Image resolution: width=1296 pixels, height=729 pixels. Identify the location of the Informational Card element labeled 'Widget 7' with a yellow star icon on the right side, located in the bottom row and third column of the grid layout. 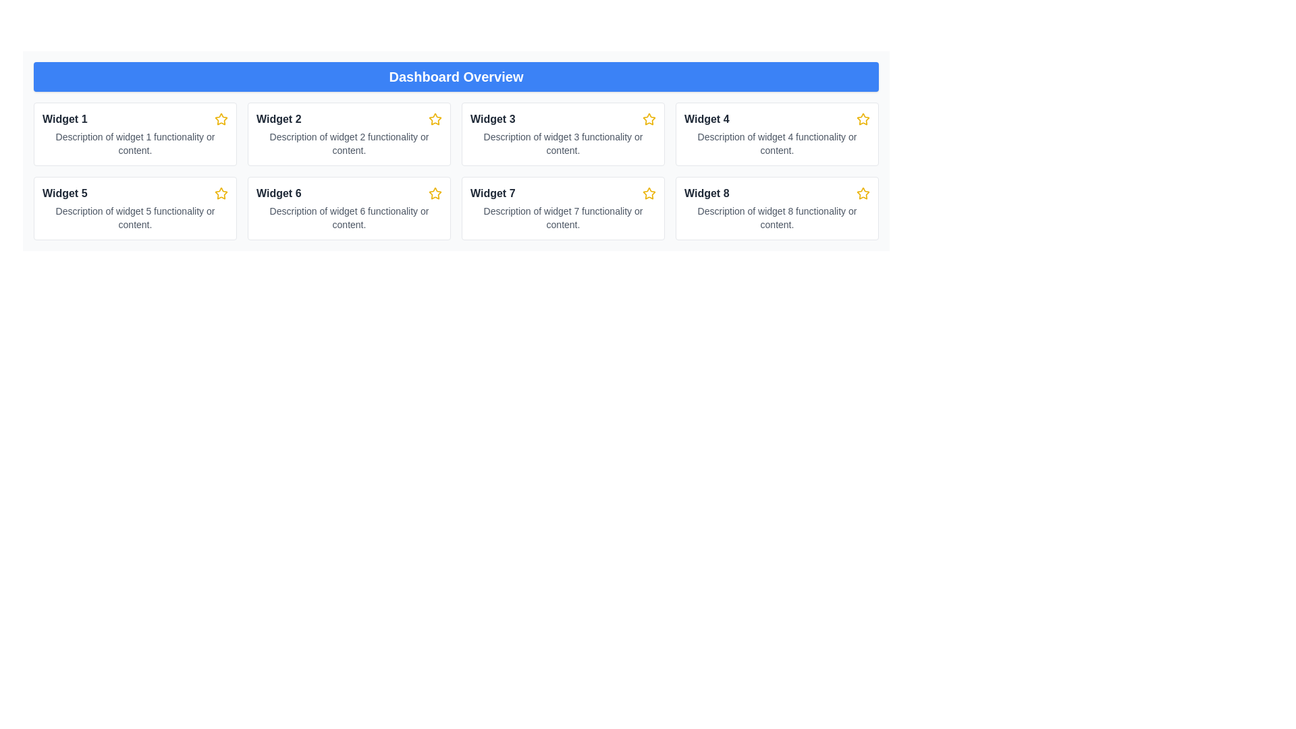
(563, 208).